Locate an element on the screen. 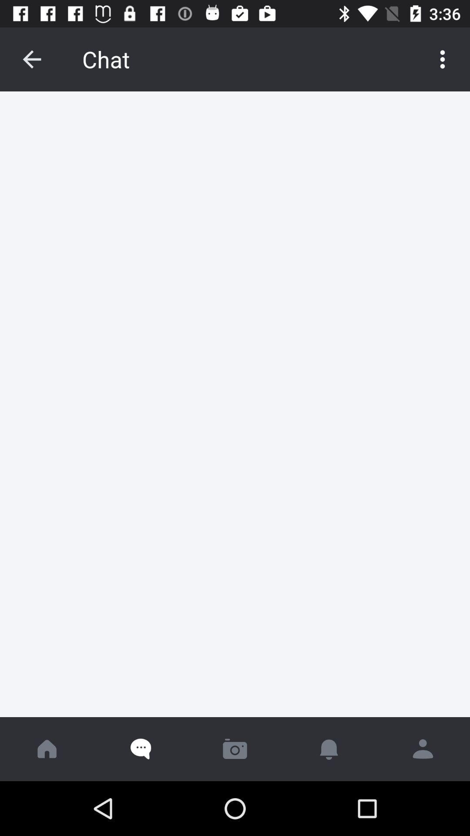  icon next to chat icon is located at coordinates (443, 59).